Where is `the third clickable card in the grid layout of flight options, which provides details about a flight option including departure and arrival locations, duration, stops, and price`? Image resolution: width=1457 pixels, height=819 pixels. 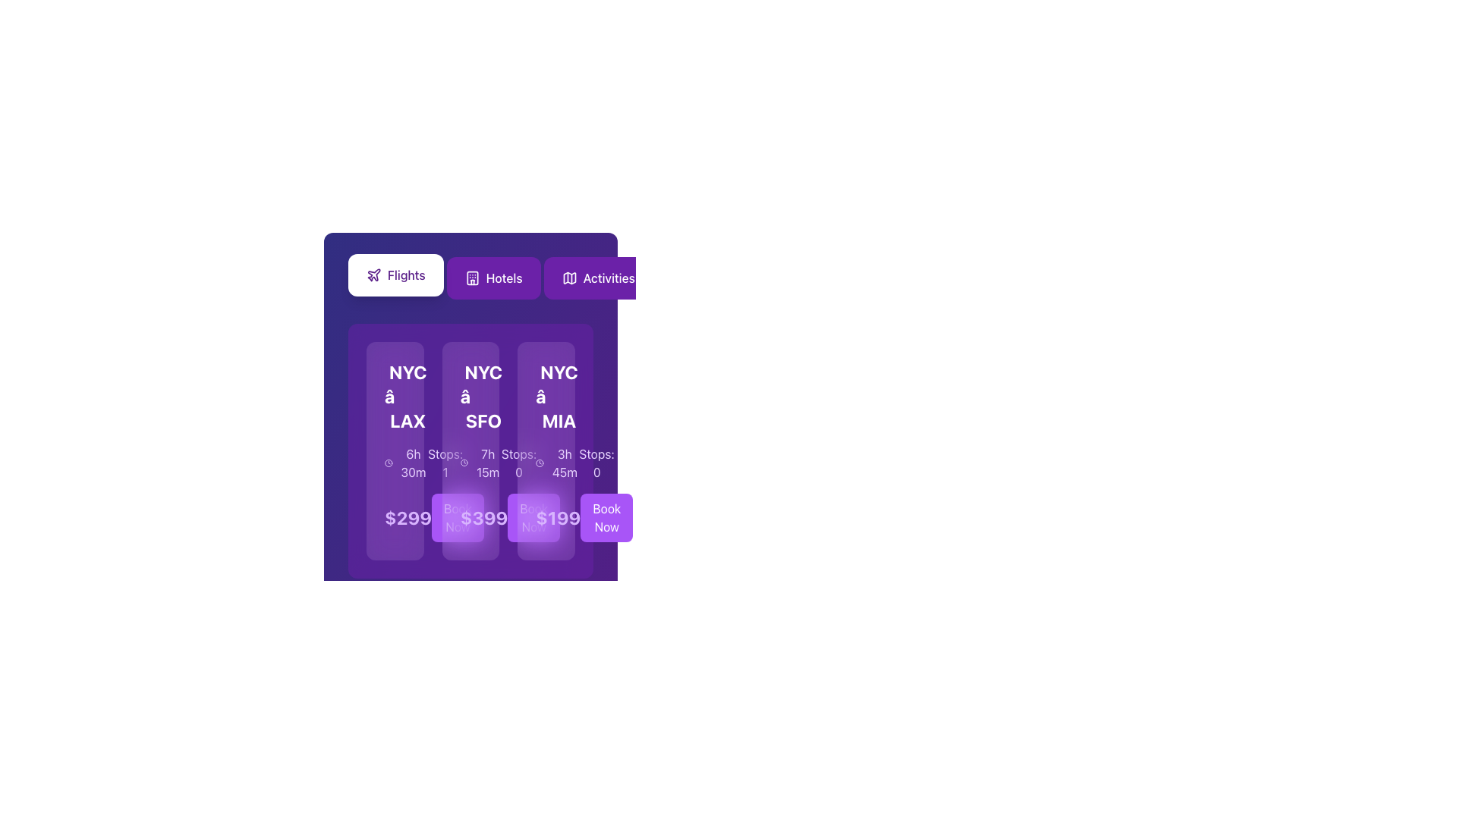 the third clickable card in the grid layout of flight options, which provides details about a flight option including departure and arrival locations, duration, stops, and price is located at coordinates (546, 450).